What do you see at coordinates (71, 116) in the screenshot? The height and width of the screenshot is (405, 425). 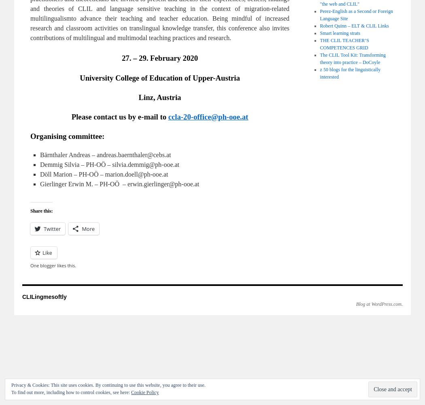 I see `'Please contact us by e-mail to'` at bounding box center [71, 116].